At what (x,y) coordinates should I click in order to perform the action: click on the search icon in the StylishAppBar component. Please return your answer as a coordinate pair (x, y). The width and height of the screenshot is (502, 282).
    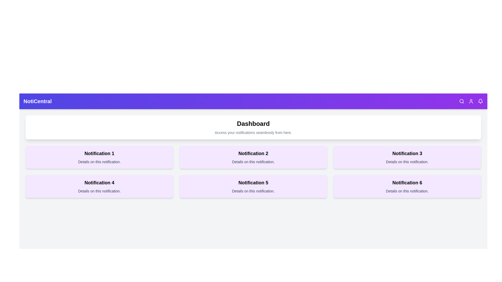
    Looking at the image, I should click on (462, 101).